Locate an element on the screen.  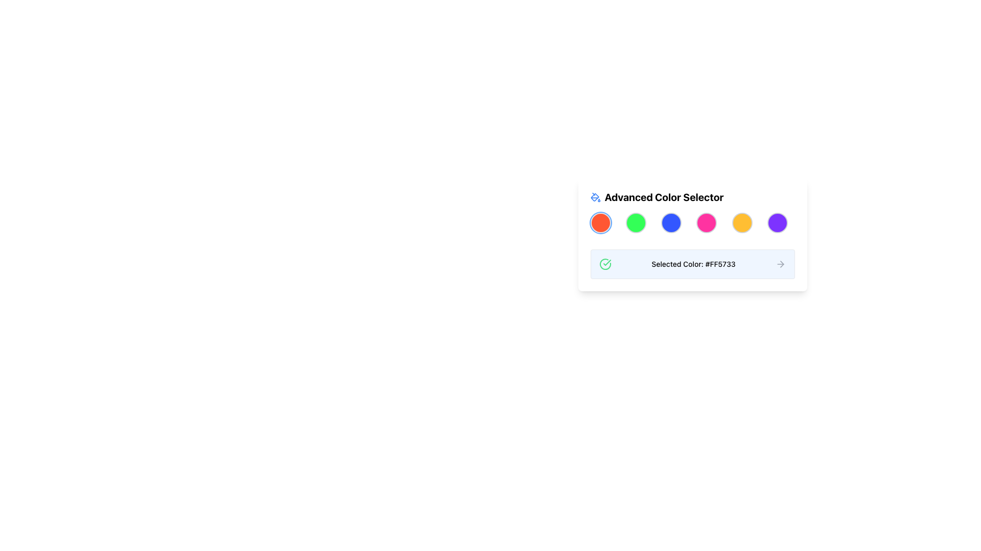
the gray arrow icon pointing to the right, located adjacent to the text 'Selected Color: #FF5733' is located at coordinates (780, 263).